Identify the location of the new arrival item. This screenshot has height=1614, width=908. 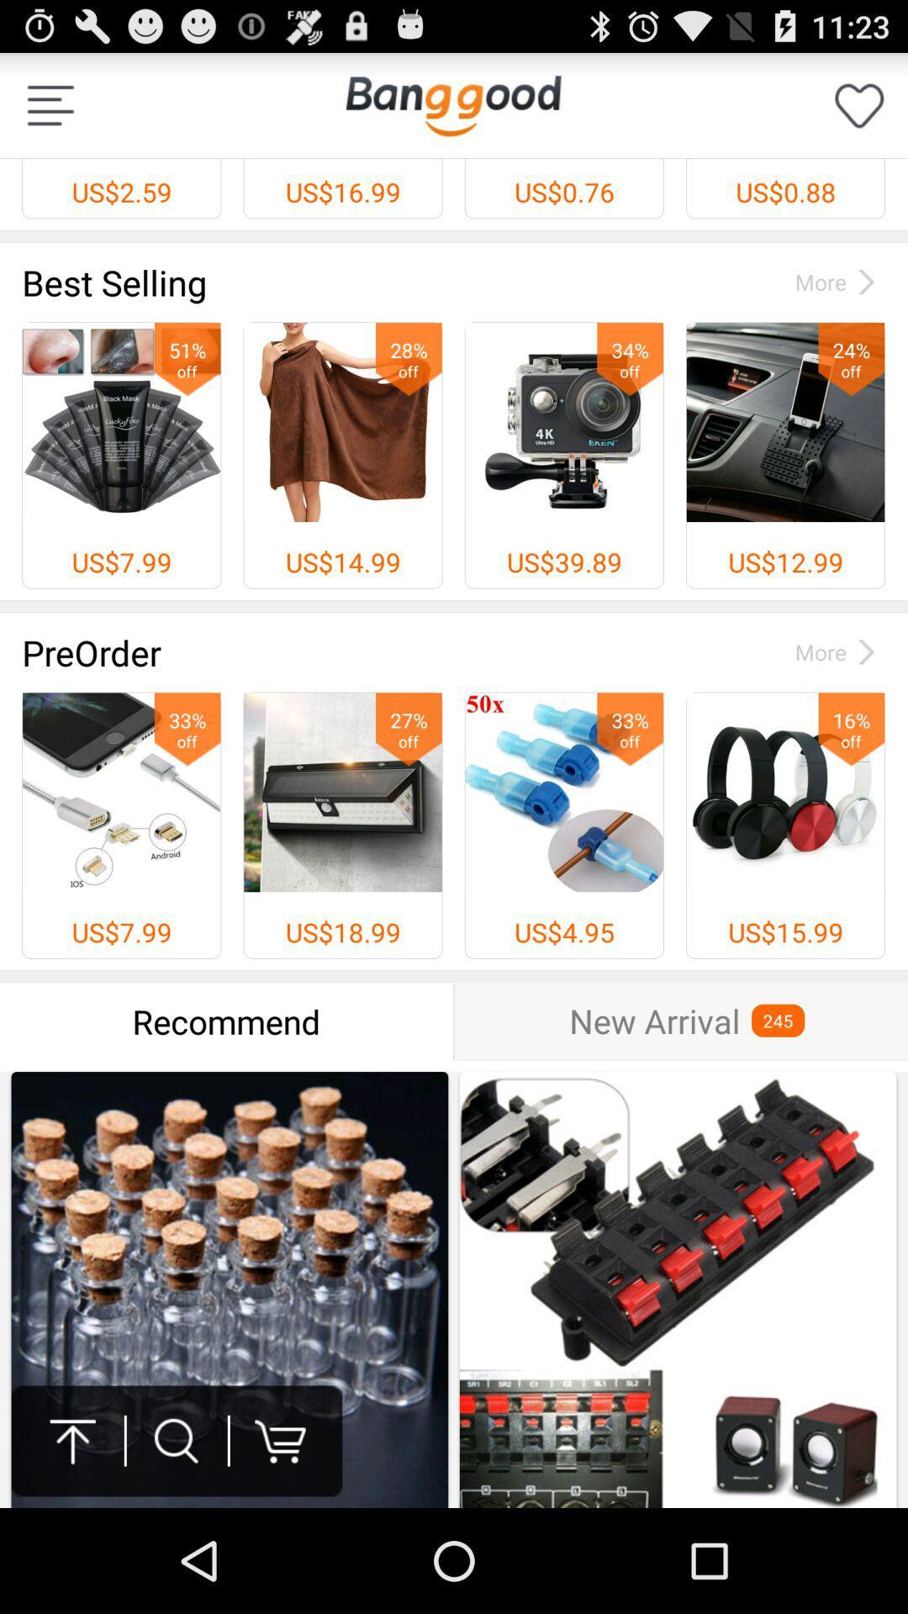
(653, 1020).